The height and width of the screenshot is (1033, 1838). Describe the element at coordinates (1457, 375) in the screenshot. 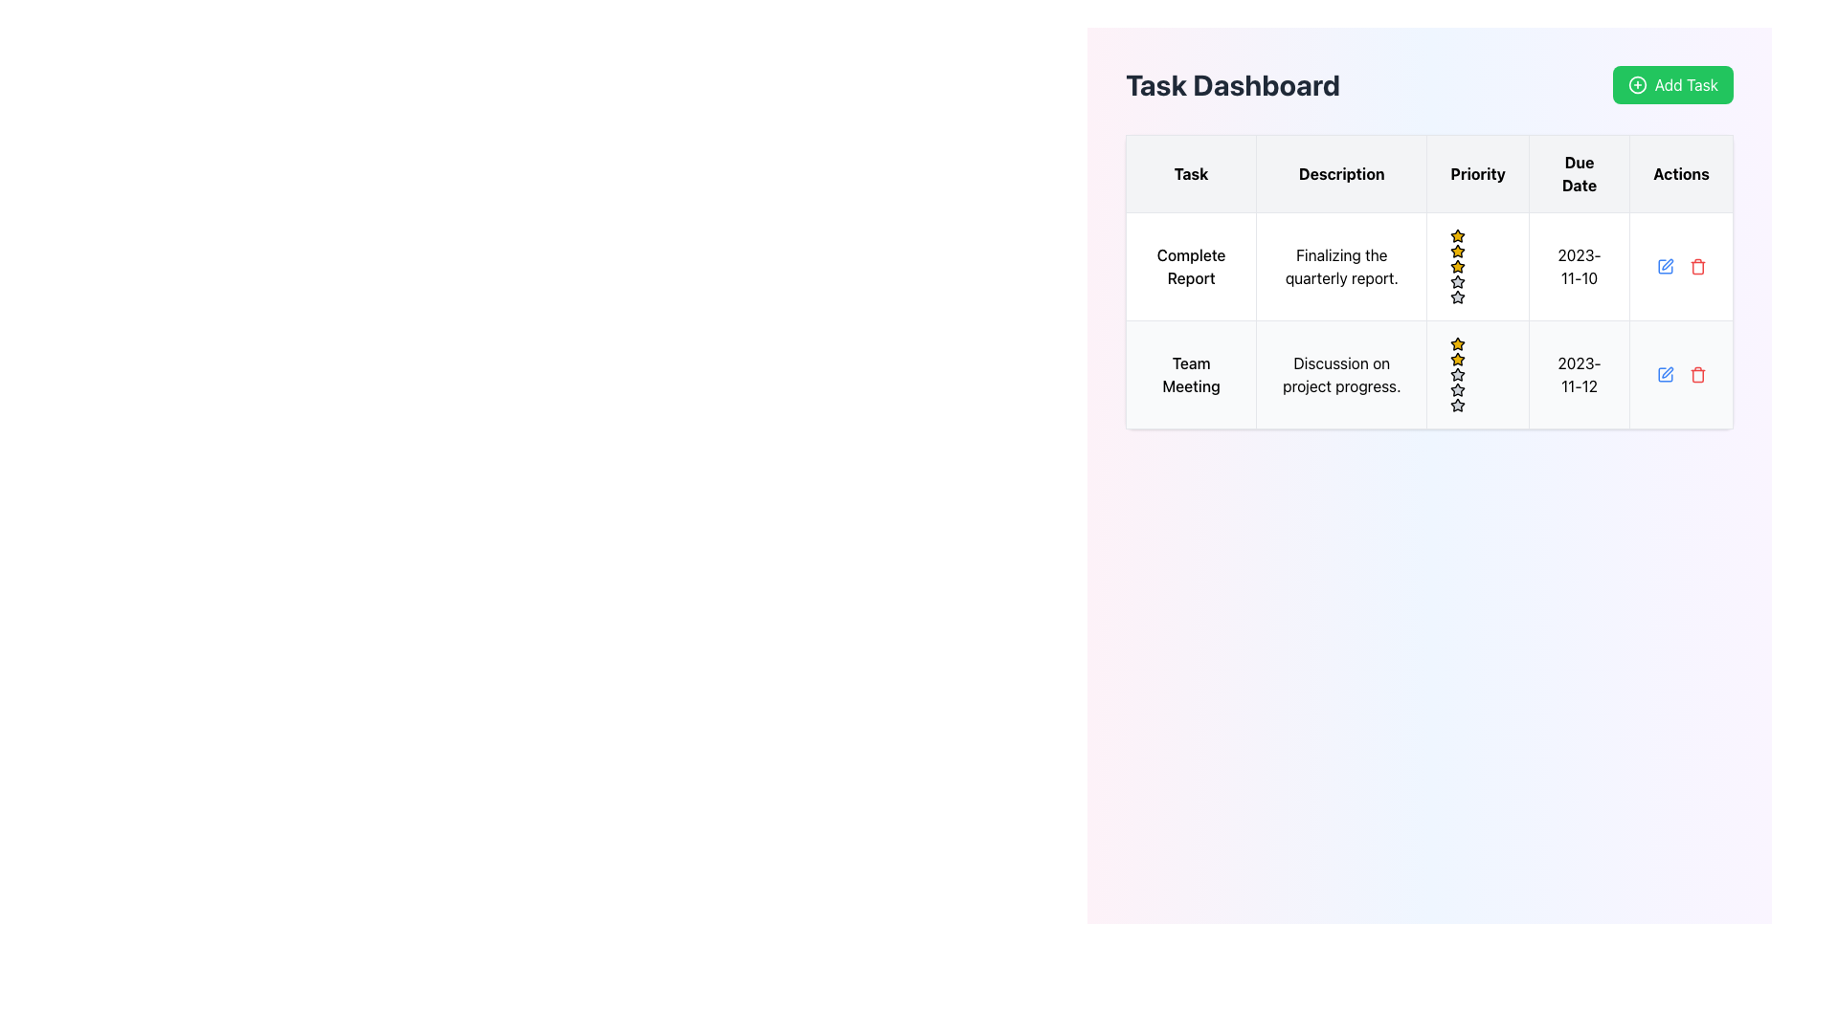

I see `the fifth star in the set of rating stars under the 'Priority' column for the 'Team Meeting' row, which is represented by a gray outlined star with a white interior` at that location.